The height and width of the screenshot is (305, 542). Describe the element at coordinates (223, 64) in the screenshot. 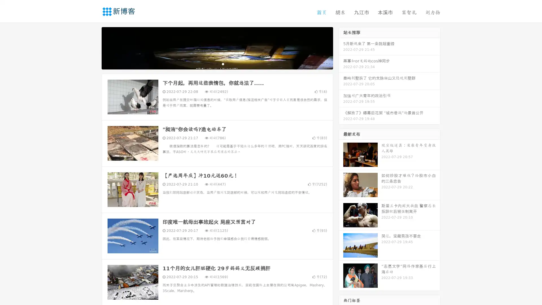

I see `Go to slide 3` at that location.